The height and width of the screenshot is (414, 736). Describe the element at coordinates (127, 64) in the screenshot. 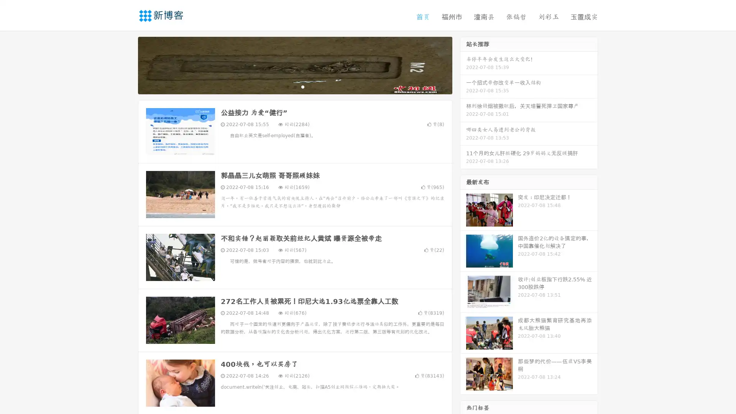

I see `Previous slide` at that location.